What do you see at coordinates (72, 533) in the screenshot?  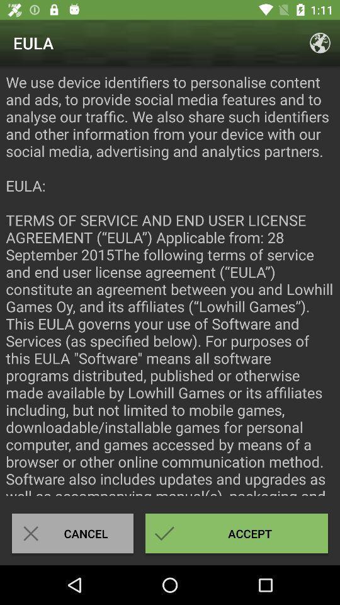 I see `item to the left of accept` at bounding box center [72, 533].